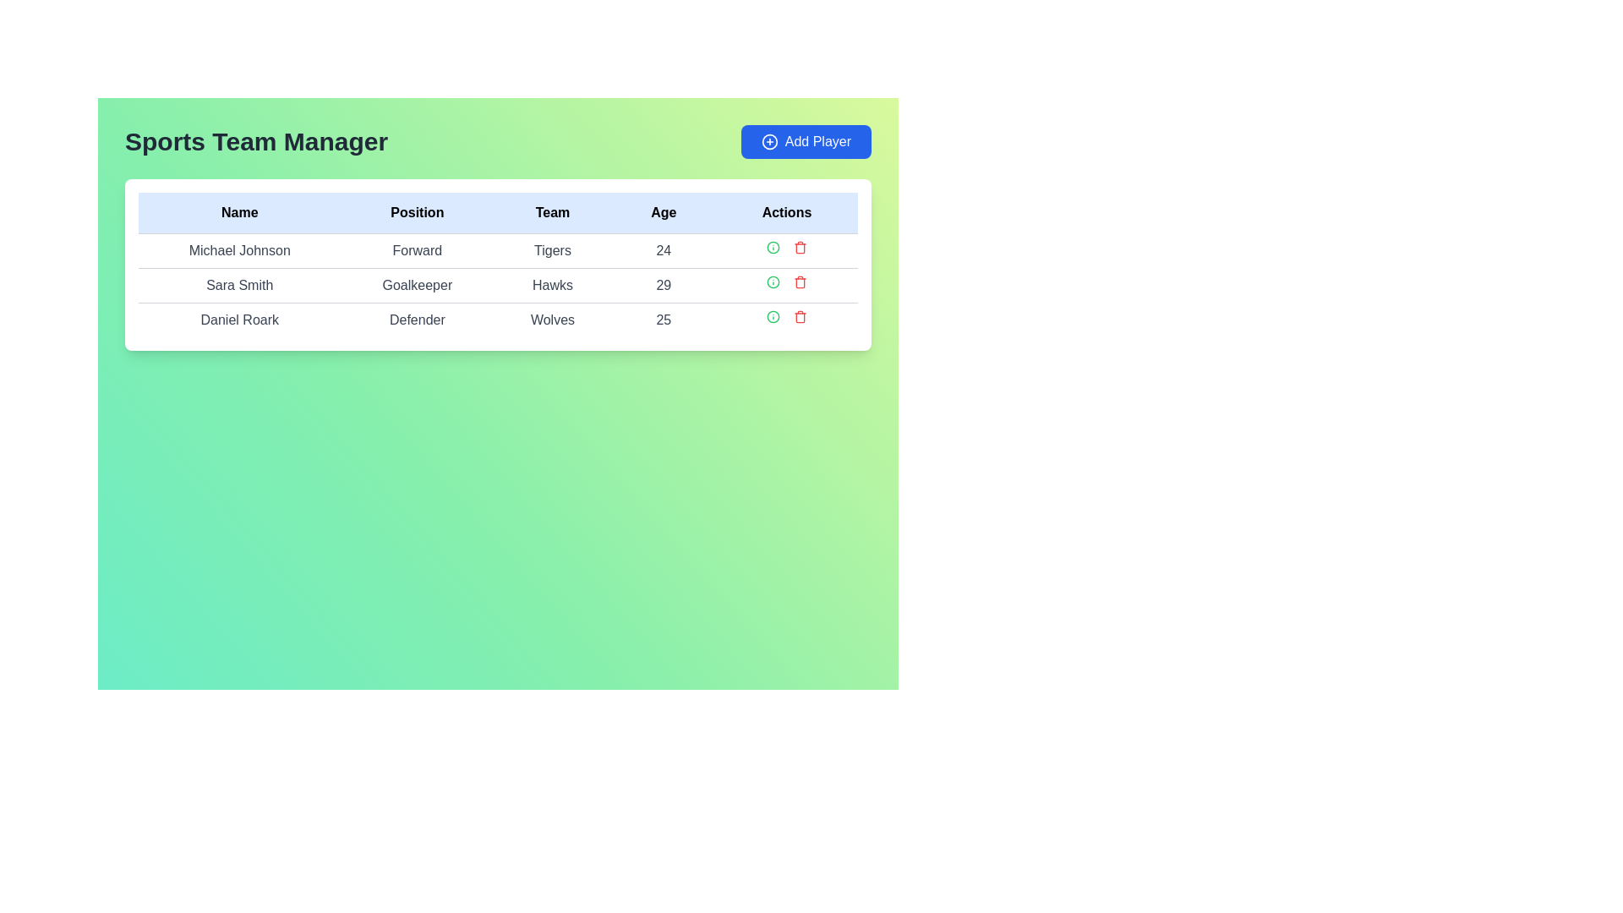 The width and height of the screenshot is (1623, 913). What do you see at coordinates (552, 320) in the screenshot?
I see `the text label displaying 'Wolves' in the 'Team' column of the third row of the table` at bounding box center [552, 320].